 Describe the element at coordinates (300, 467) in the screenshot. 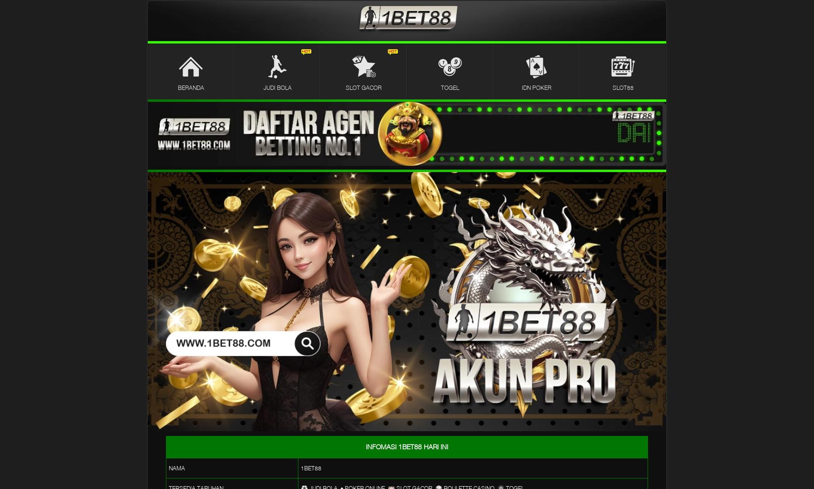

I see `'1BET88'` at that location.